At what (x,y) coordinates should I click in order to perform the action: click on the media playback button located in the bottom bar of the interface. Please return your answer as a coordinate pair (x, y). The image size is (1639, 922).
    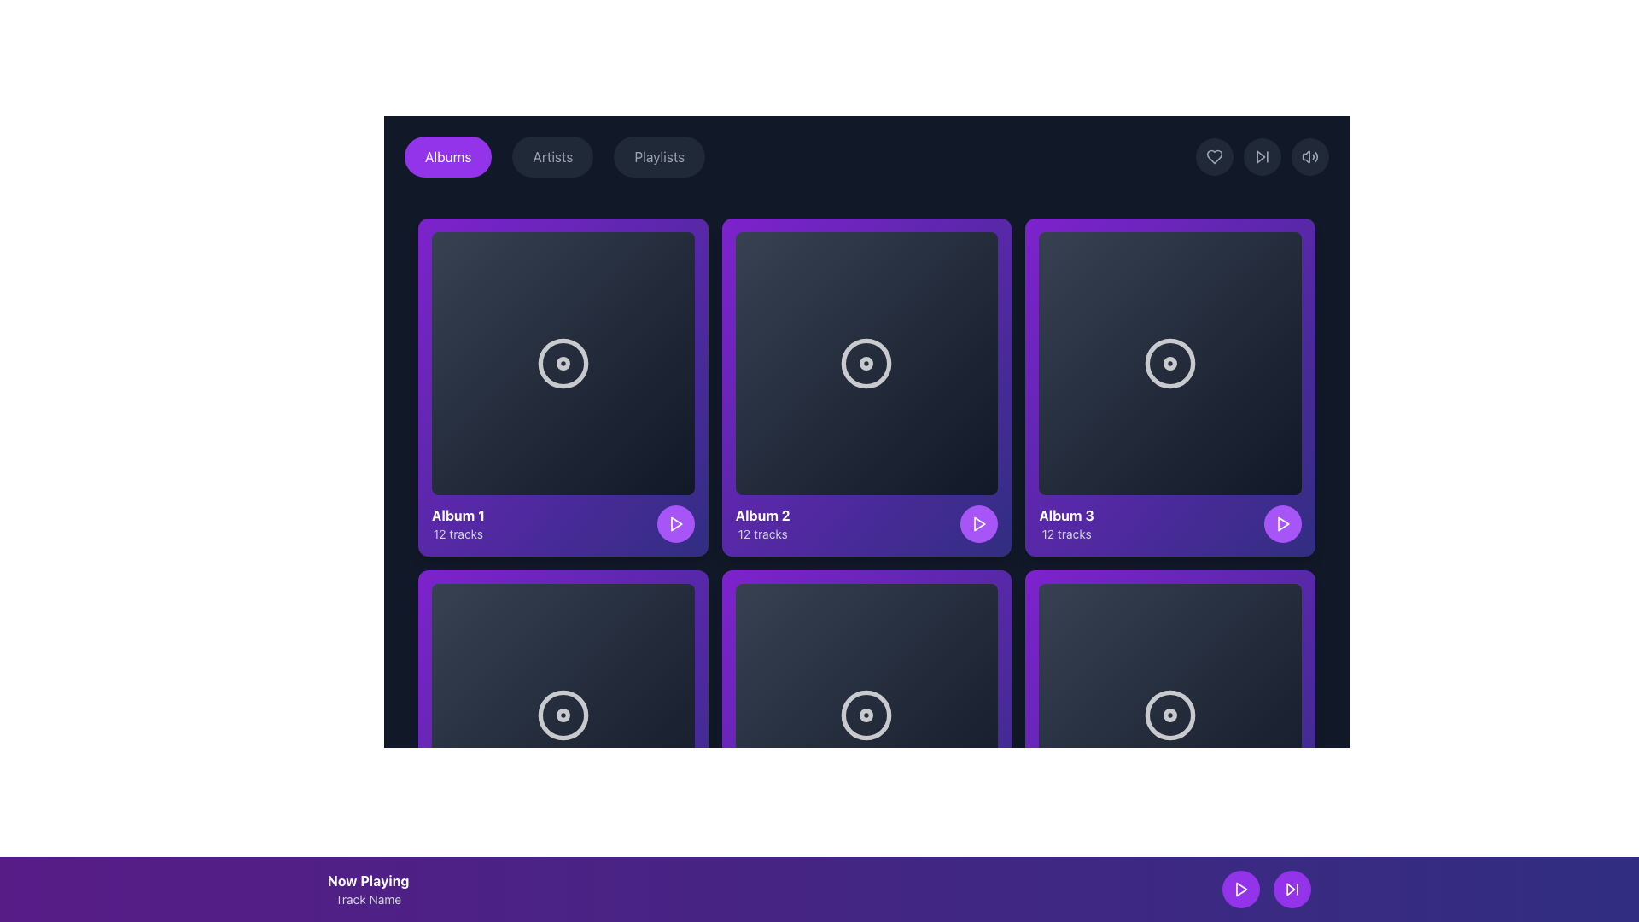
    Looking at the image, I should click on (674, 875).